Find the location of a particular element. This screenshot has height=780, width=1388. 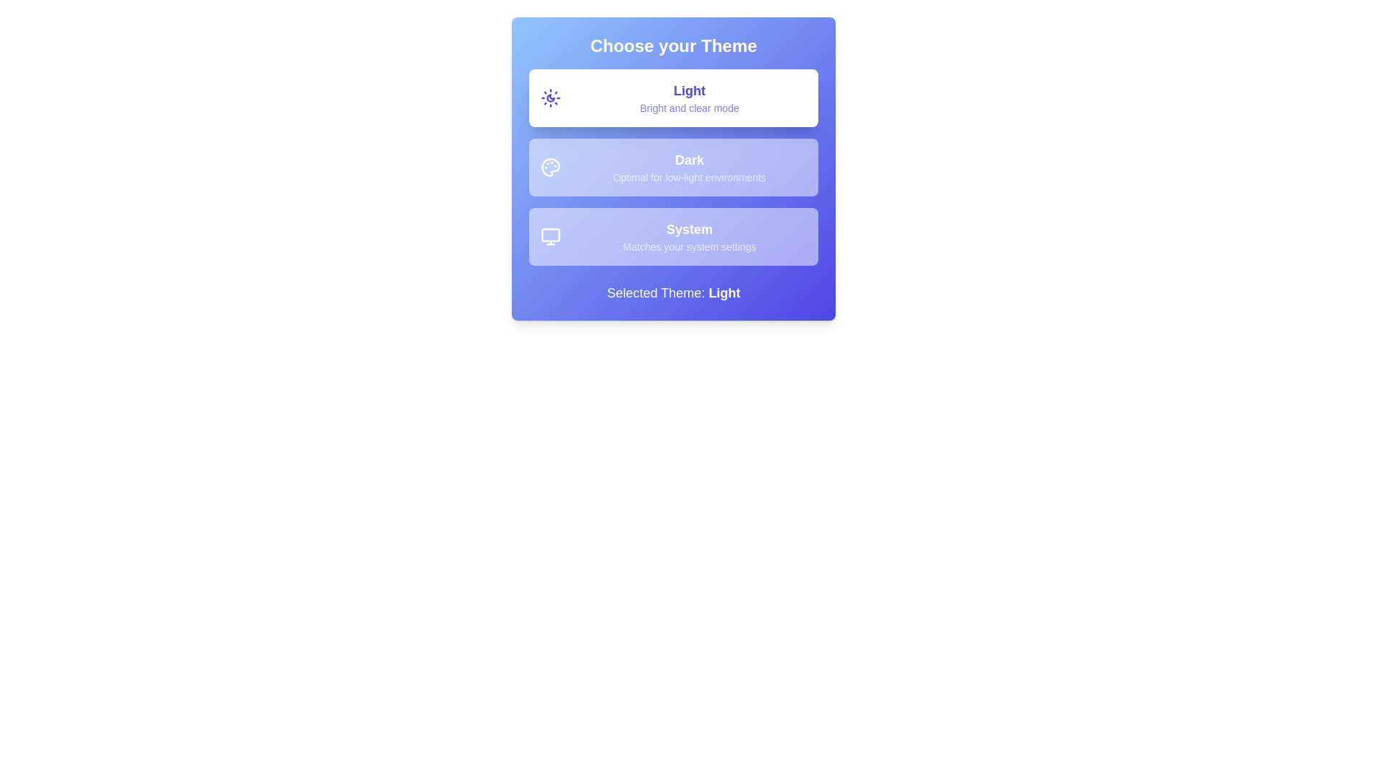

the theme Light by clicking on its option is located at coordinates (672, 97).